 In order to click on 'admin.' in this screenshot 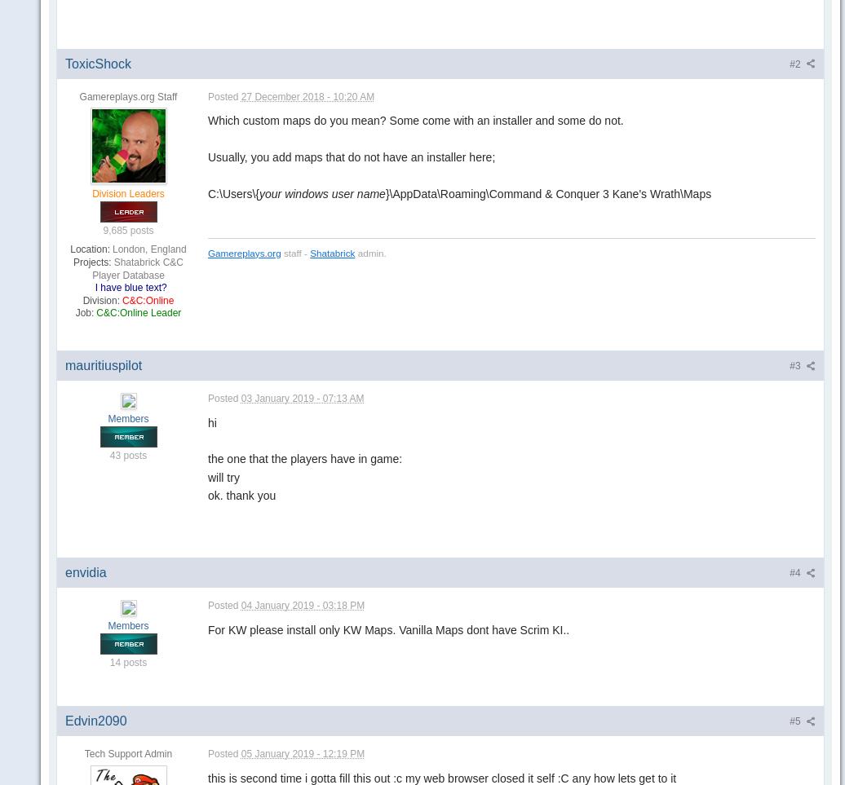, I will do `click(369, 252)`.